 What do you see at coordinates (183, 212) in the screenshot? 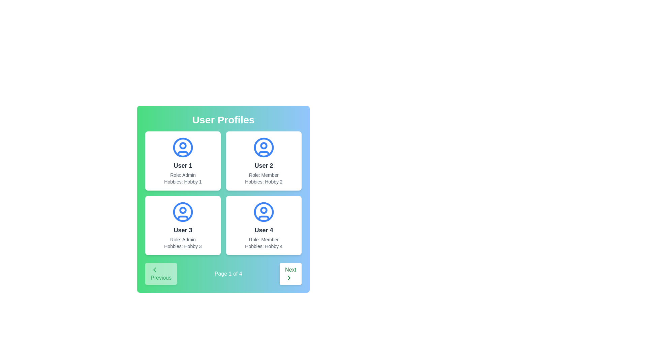
I see `the circular user avatar icon for 'User 3', which features a blue outline and a user figure inside, located in the third profile card` at bounding box center [183, 212].